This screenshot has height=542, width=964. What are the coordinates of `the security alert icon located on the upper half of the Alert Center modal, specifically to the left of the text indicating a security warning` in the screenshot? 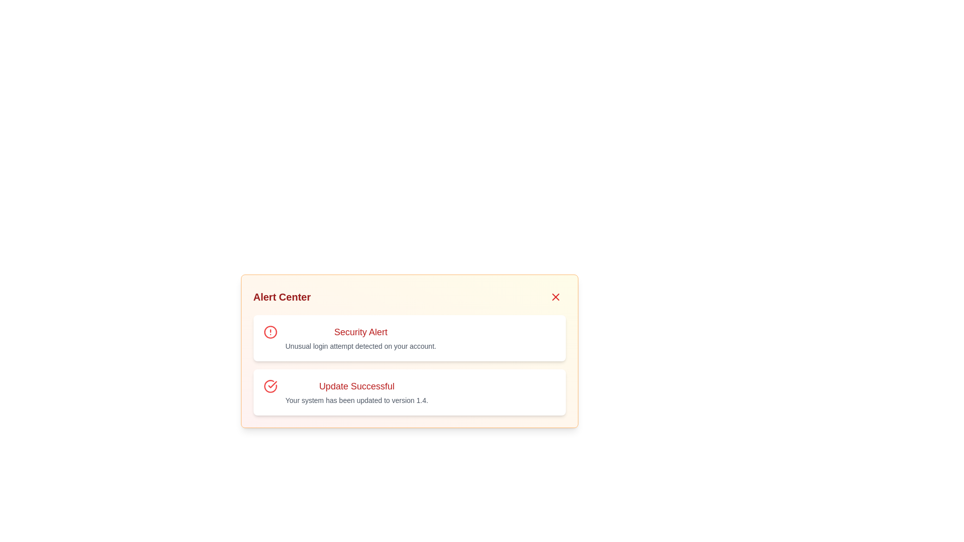 It's located at (270, 332).